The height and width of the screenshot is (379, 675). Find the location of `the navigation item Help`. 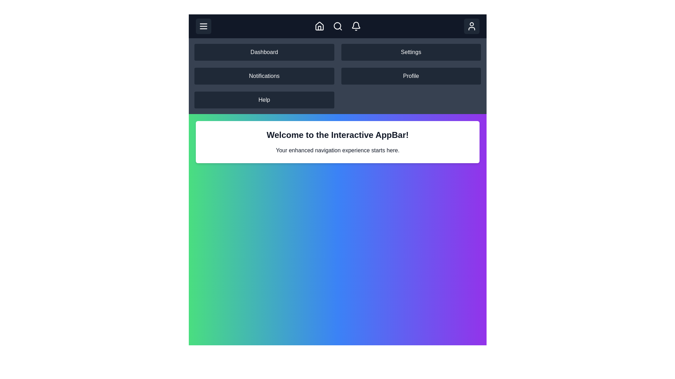

the navigation item Help is located at coordinates (264, 100).